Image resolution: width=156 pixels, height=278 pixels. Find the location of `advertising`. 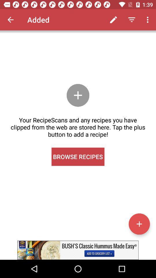

advertising is located at coordinates (78, 250).